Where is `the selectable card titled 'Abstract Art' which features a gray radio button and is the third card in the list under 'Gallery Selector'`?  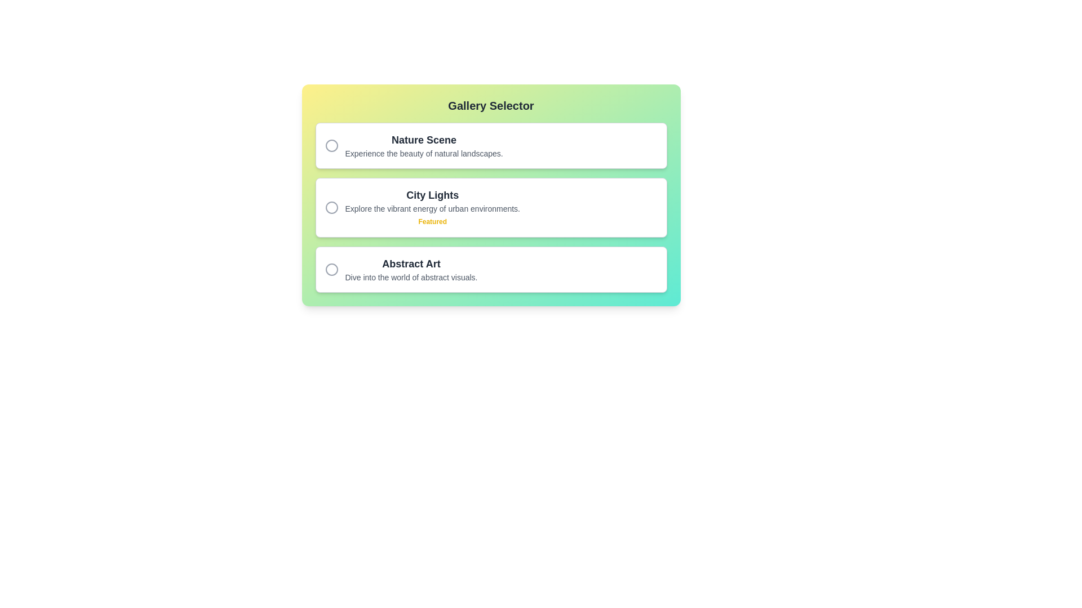 the selectable card titled 'Abstract Art' which features a gray radio button and is the third card in the list under 'Gallery Selector' is located at coordinates (491, 269).